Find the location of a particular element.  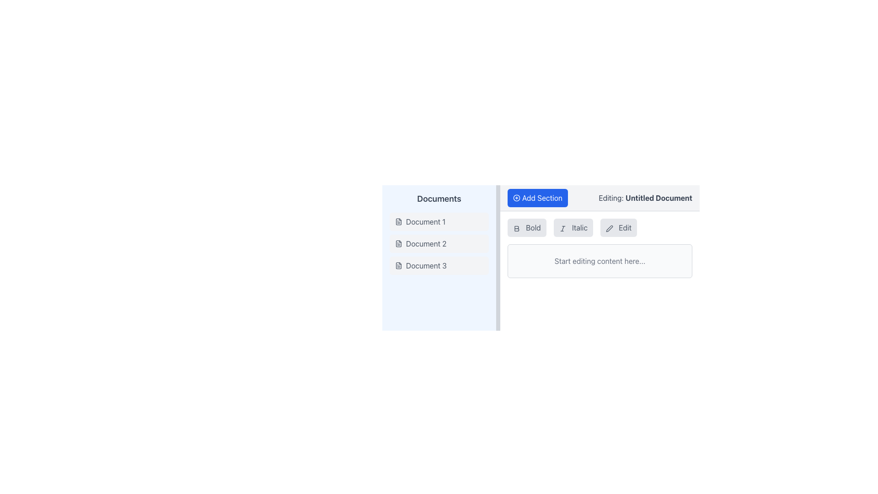

the 'Document 3' icon in the sidebar is located at coordinates (399, 266).